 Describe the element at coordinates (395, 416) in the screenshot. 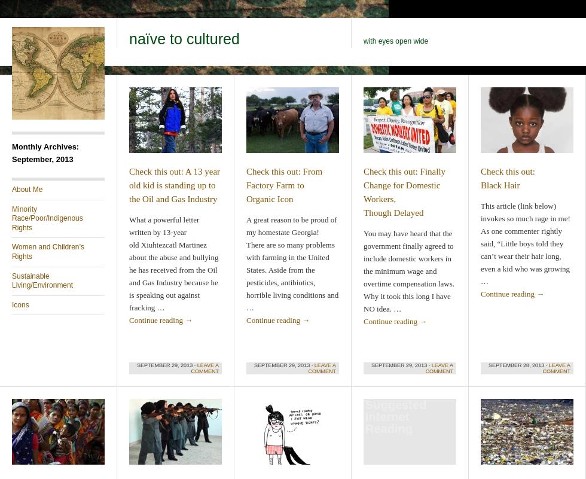

I see `'Suggested Internet Reading'` at that location.